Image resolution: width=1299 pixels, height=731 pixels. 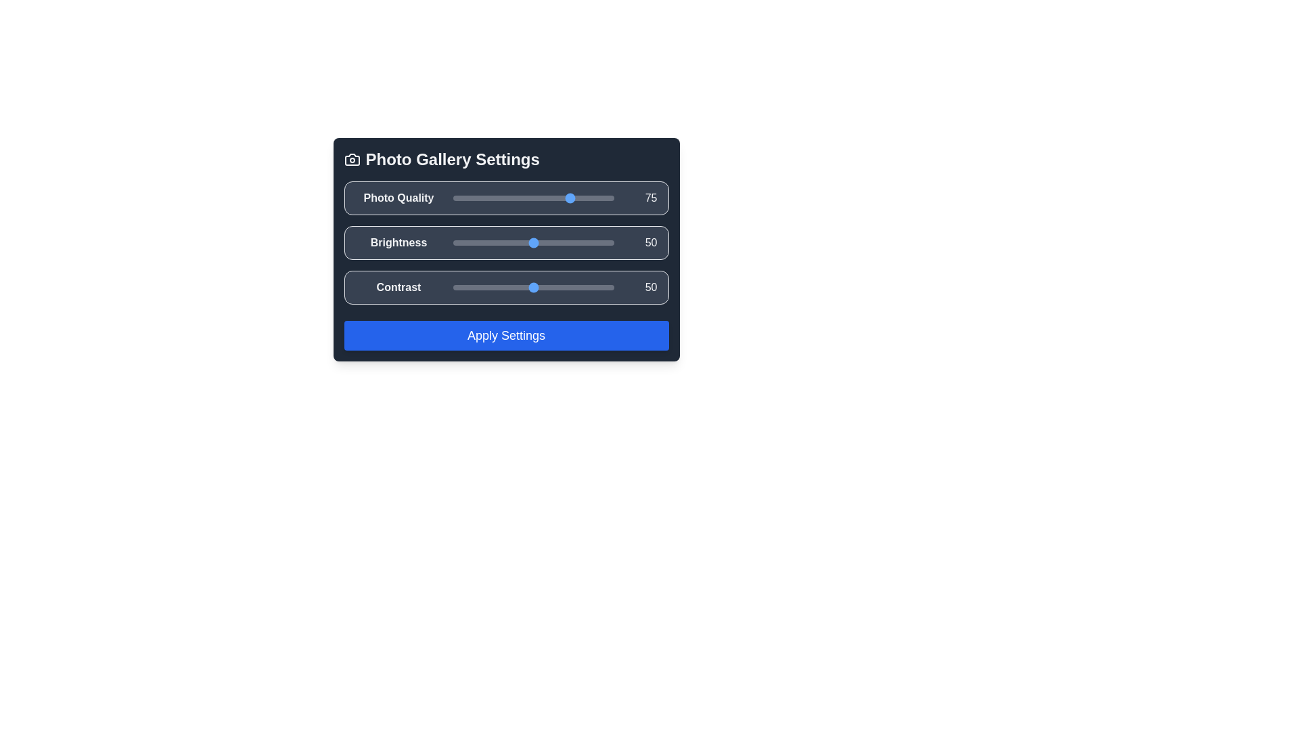 I want to click on the photo quality, so click(x=472, y=198).